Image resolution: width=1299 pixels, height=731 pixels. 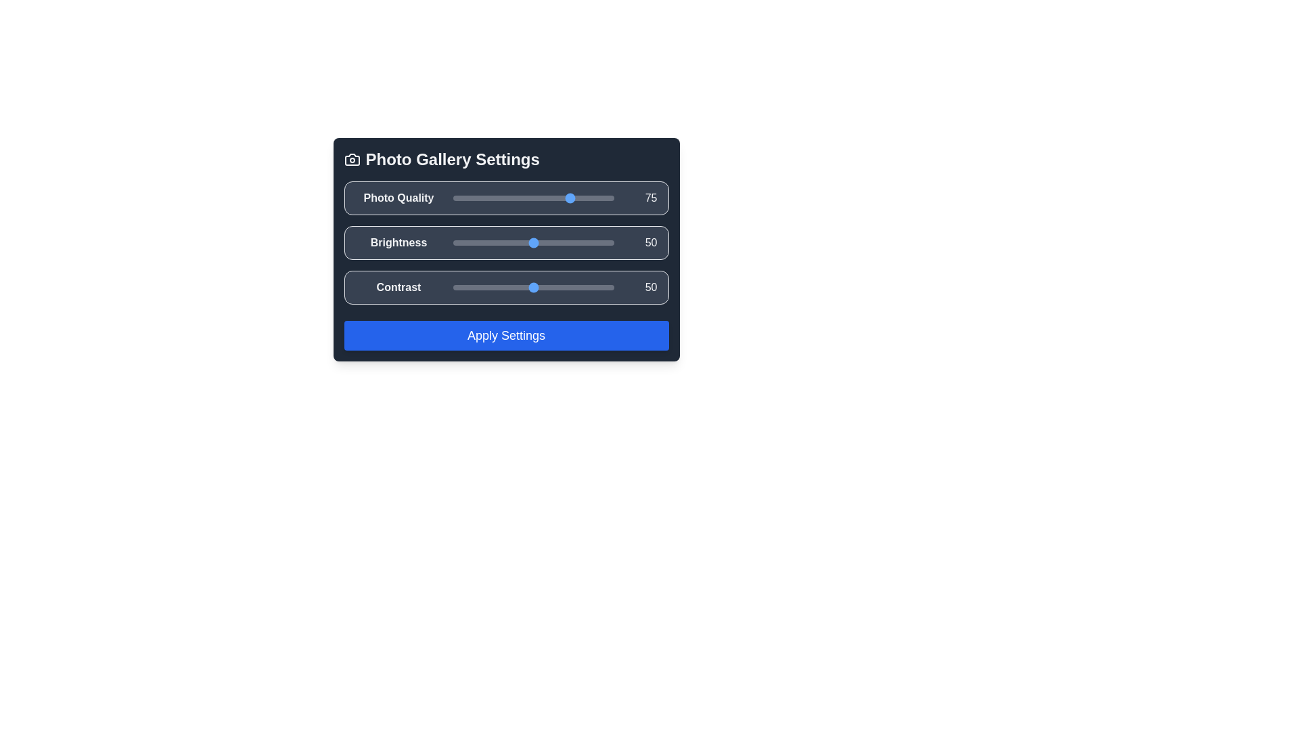 I want to click on the photo quality, so click(x=472, y=198).